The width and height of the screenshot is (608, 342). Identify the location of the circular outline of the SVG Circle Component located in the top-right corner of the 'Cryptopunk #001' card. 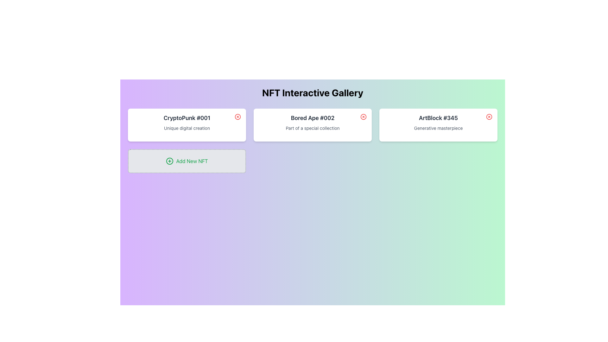
(237, 117).